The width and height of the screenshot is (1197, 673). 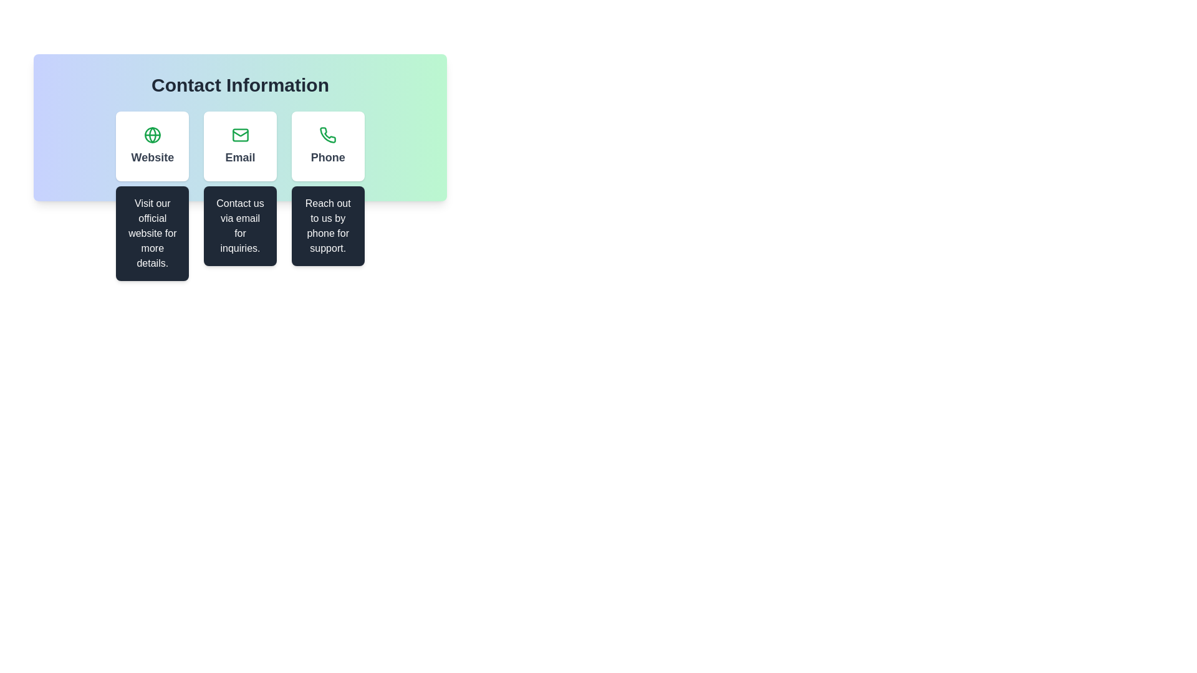 I want to click on the graphical representation of the triangular flap of the envelope, which is part of the email icon located in the Contact Information section, so click(x=240, y=133).